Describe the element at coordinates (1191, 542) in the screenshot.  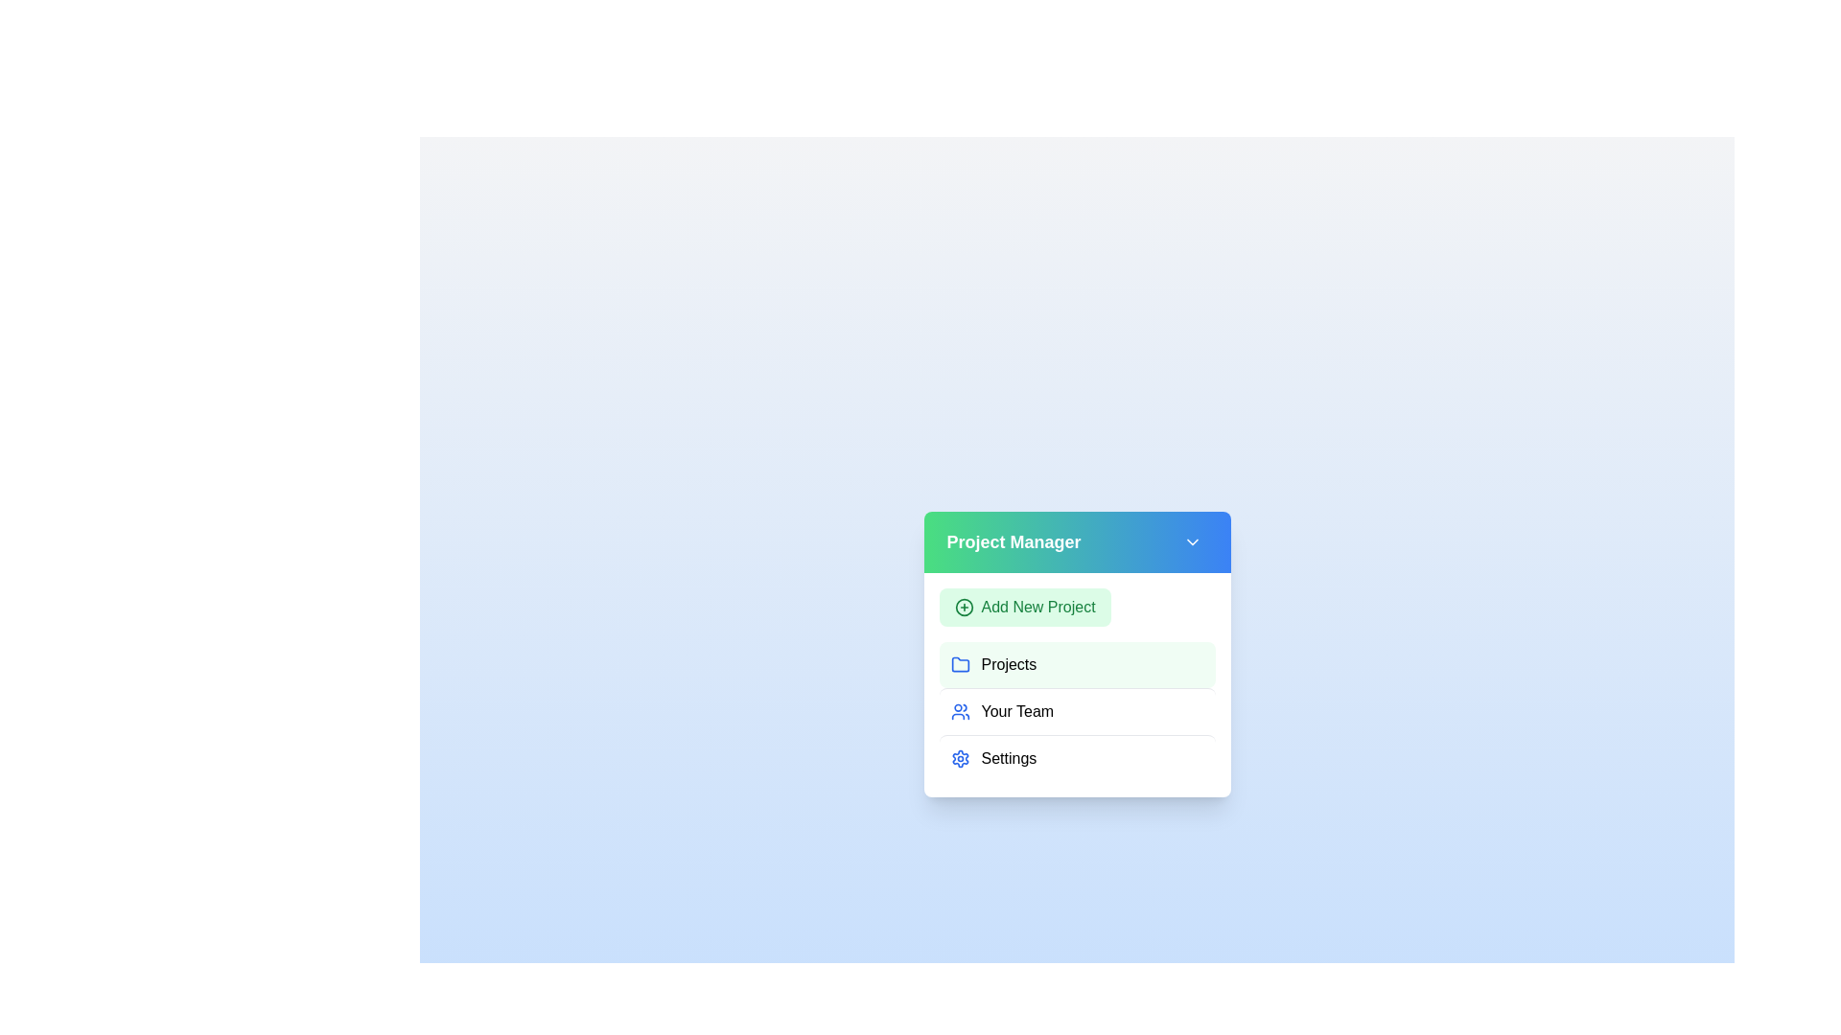
I see `the chevron button to toggle the menu's expanded state` at that location.